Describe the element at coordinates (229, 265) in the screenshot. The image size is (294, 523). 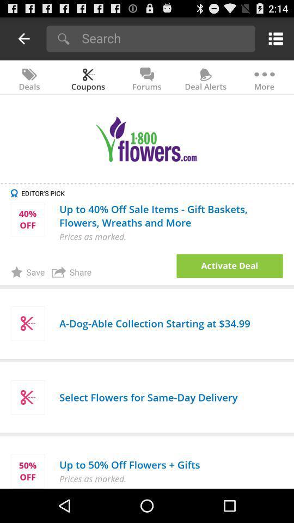
I see `activate the shown deal` at that location.